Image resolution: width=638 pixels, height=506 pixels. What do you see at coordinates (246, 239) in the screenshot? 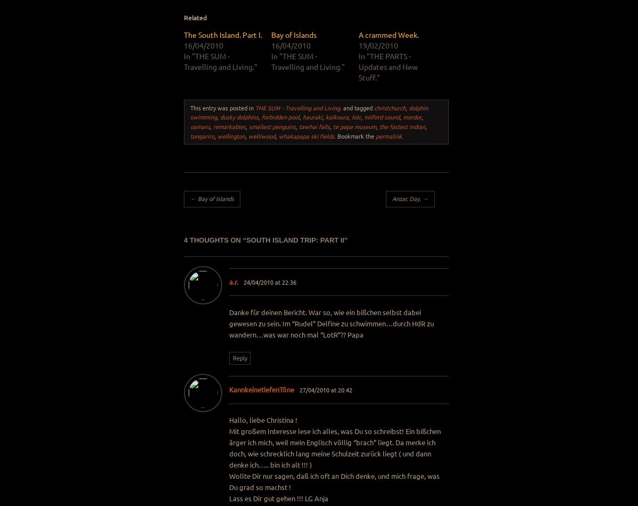
I see `'South Island Trip: Part II'` at bounding box center [246, 239].